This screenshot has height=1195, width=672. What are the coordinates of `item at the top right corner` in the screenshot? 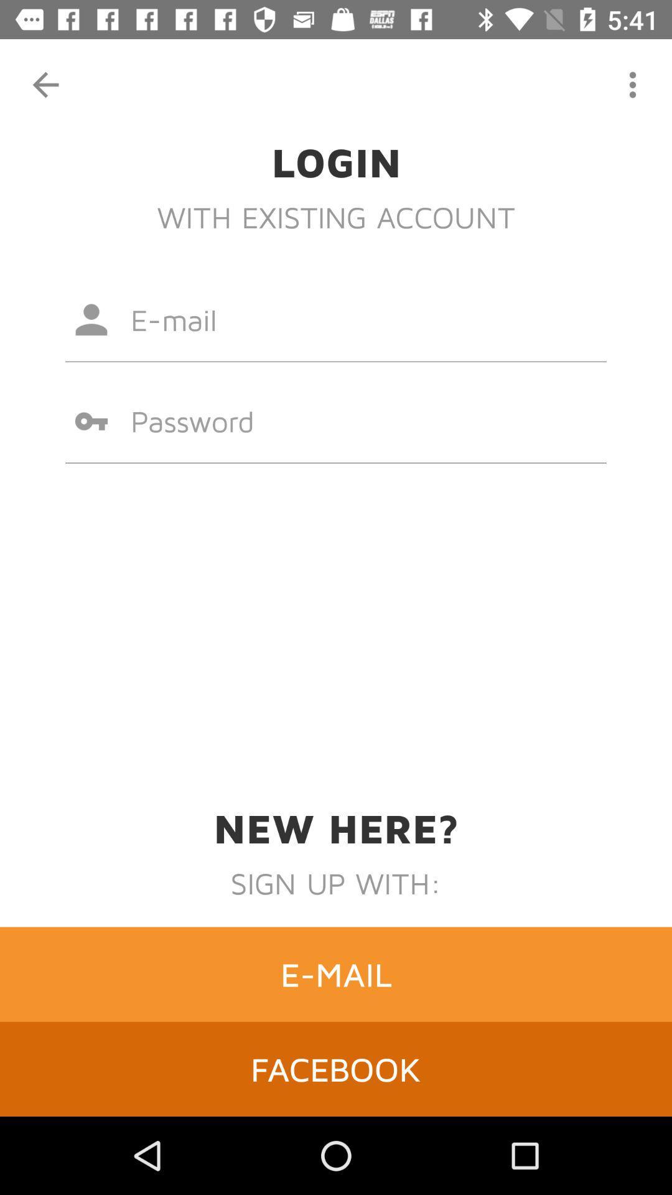 It's located at (633, 84).